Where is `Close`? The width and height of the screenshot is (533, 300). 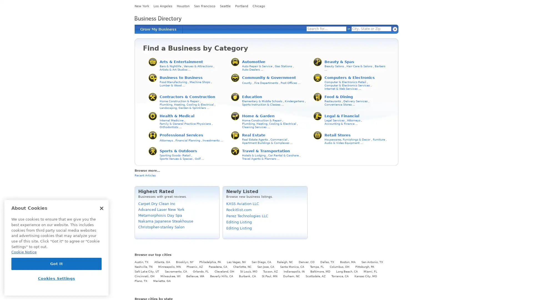 Close is located at coordinates (101, 208).